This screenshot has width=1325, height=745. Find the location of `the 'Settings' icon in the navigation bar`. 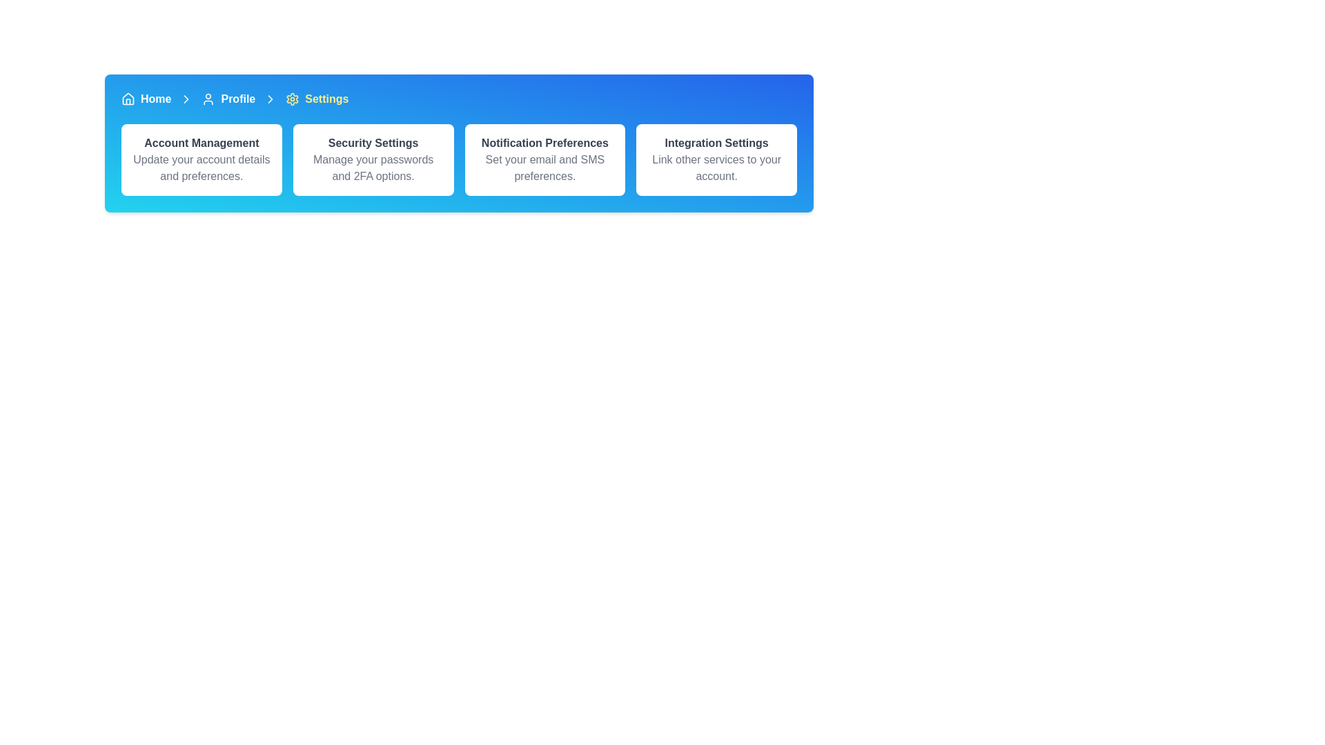

the 'Settings' icon in the navigation bar is located at coordinates (292, 98).